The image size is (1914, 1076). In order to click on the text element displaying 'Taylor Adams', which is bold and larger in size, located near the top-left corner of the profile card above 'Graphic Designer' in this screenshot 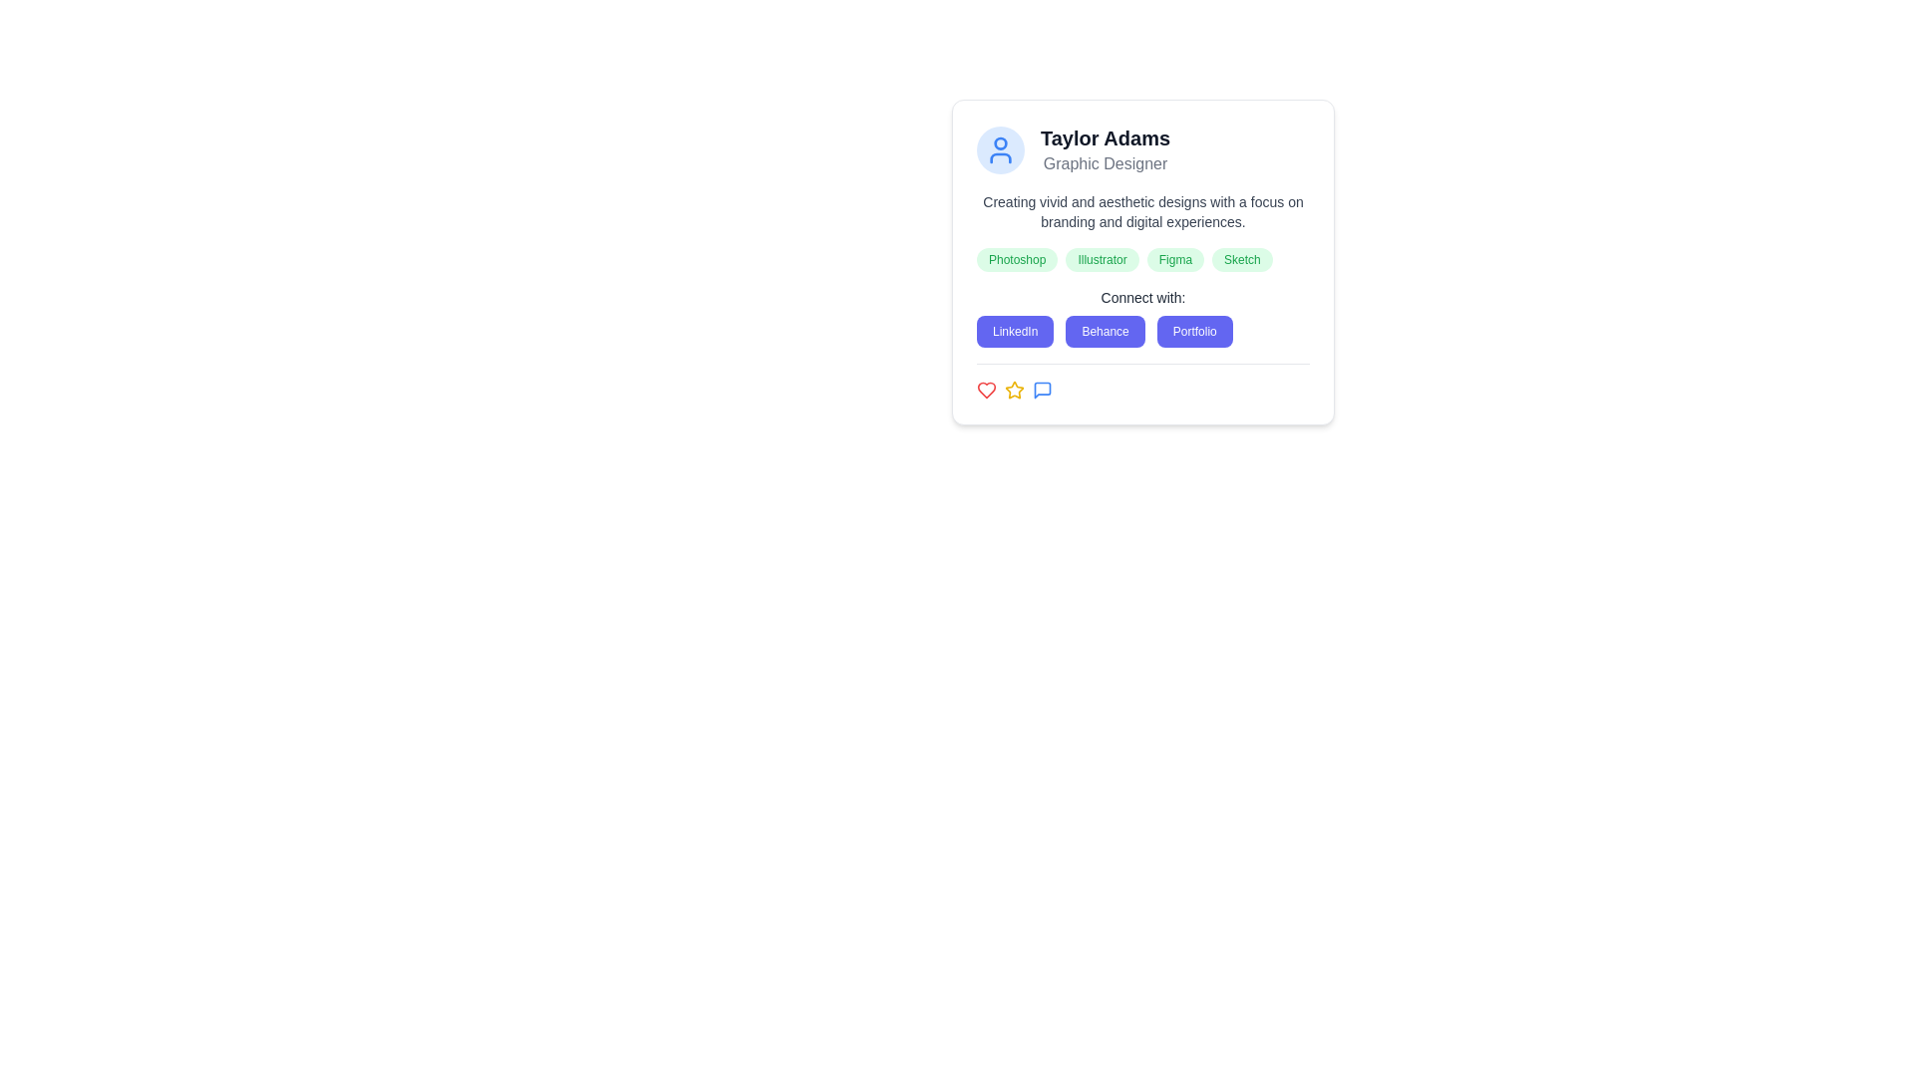, I will do `click(1104, 136)`.